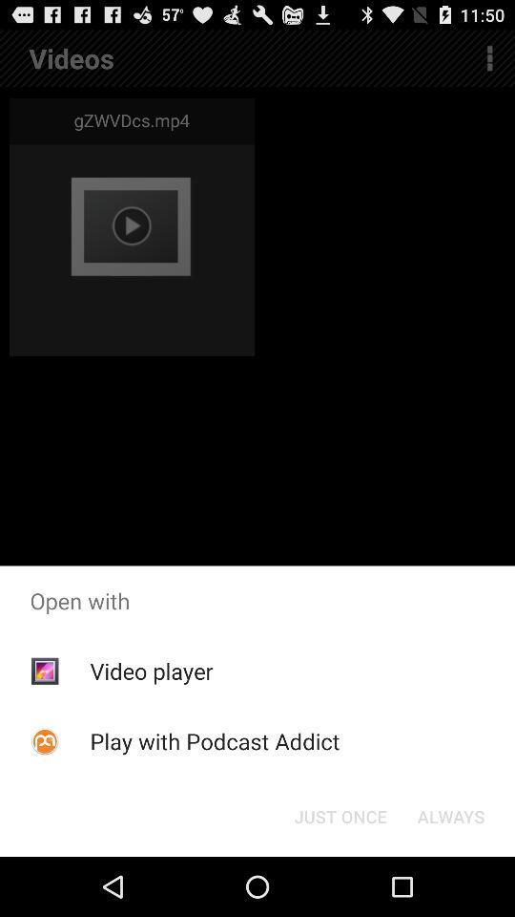 This screenshot has height=917, width=515. What do you see at coordinates (214, 740) in the screenshot?
I see `play with podcast item` at bounding box center [214, 740].